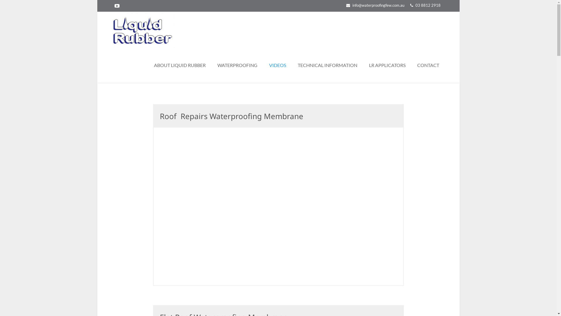 This screenshot has width=561, height=316. I want to click on 'VIDEOS', so click(263, 65).